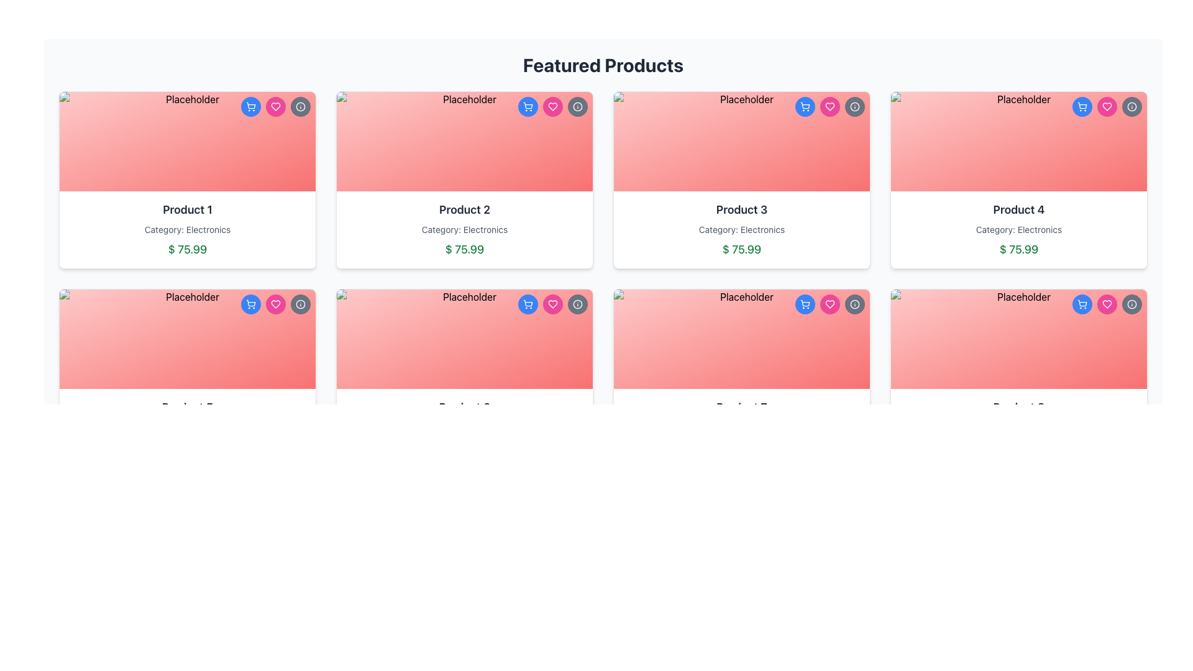 The image size is (1193, 671). Describe the element at coordinates (577, 106) in the screenshot. I see `the information button located in the top-right corner of the second product card` at that location.